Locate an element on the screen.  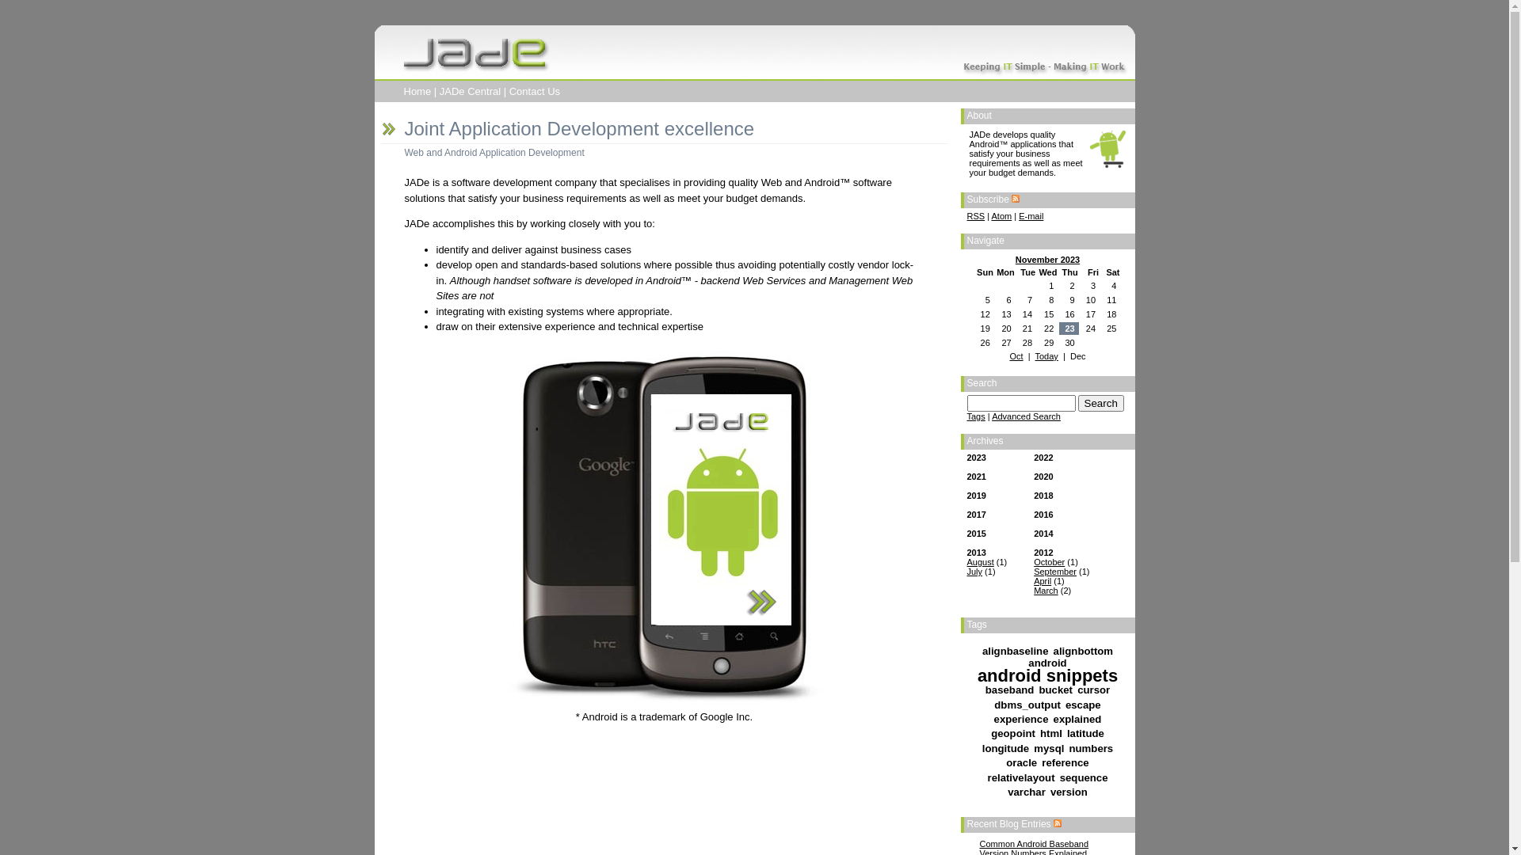
'reference' is located at coordinates (1065, 762).